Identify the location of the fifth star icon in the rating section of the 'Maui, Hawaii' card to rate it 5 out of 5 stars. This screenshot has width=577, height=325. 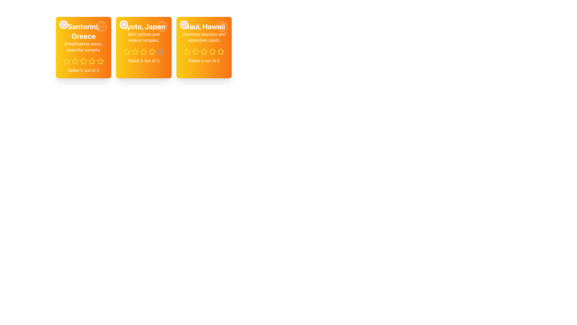
(220, 51).